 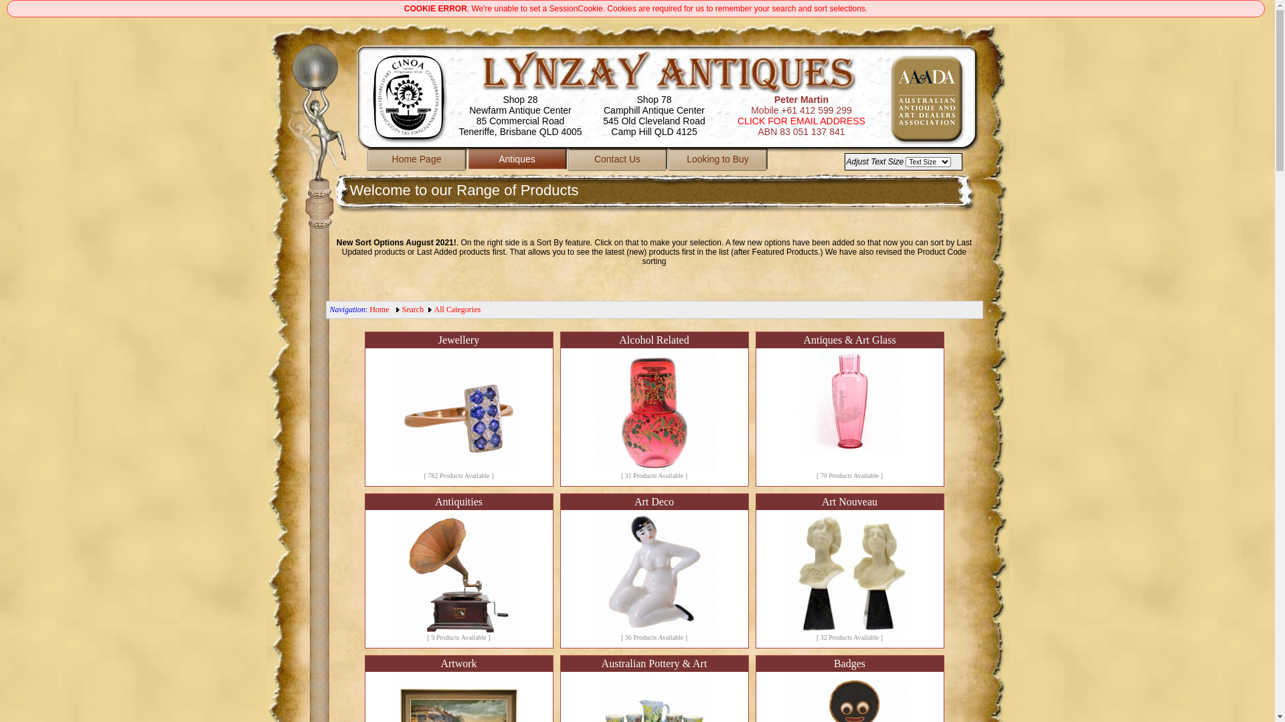 I want to click on 'Looking to Buy', so click(x=717, y=160).